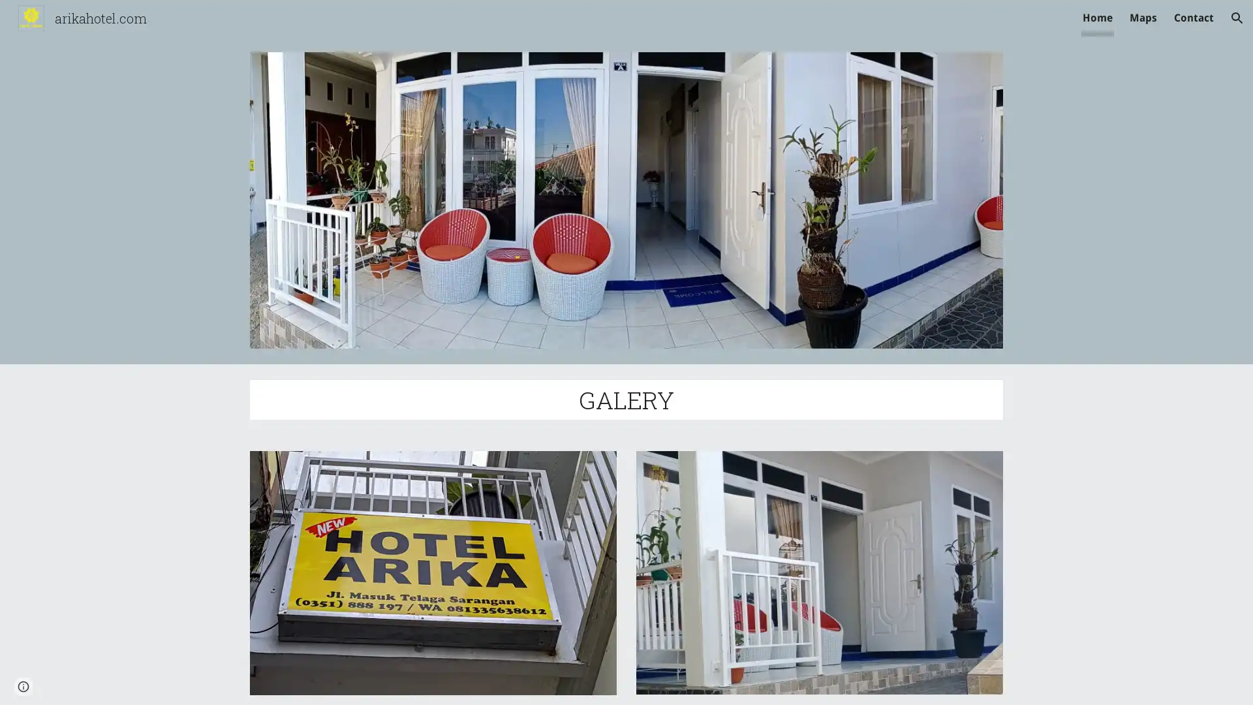  I want to click on Site actions, so click(23, 681).